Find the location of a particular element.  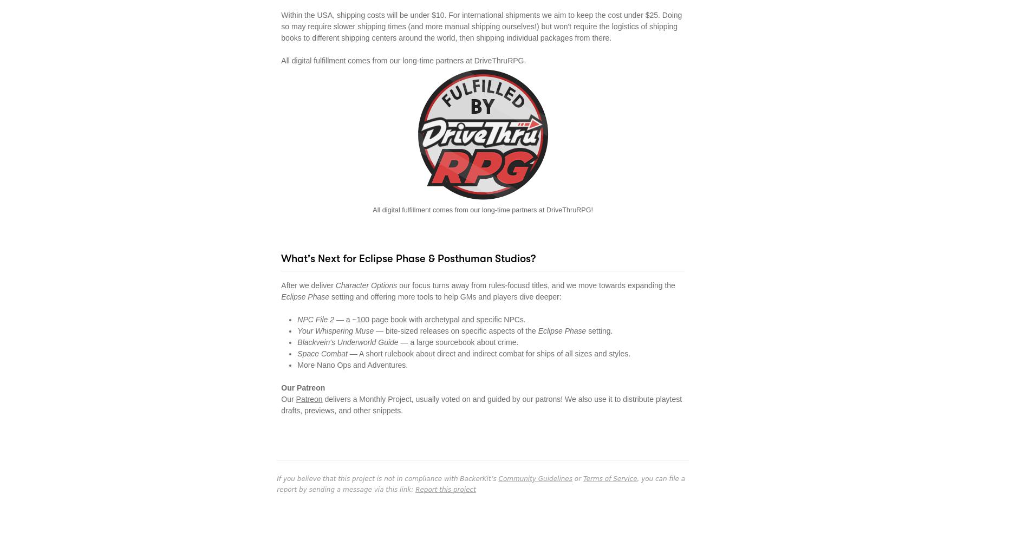

'— a ~100 page book with archetypal and specific NPCs.' is located at coordinates (429, 318).